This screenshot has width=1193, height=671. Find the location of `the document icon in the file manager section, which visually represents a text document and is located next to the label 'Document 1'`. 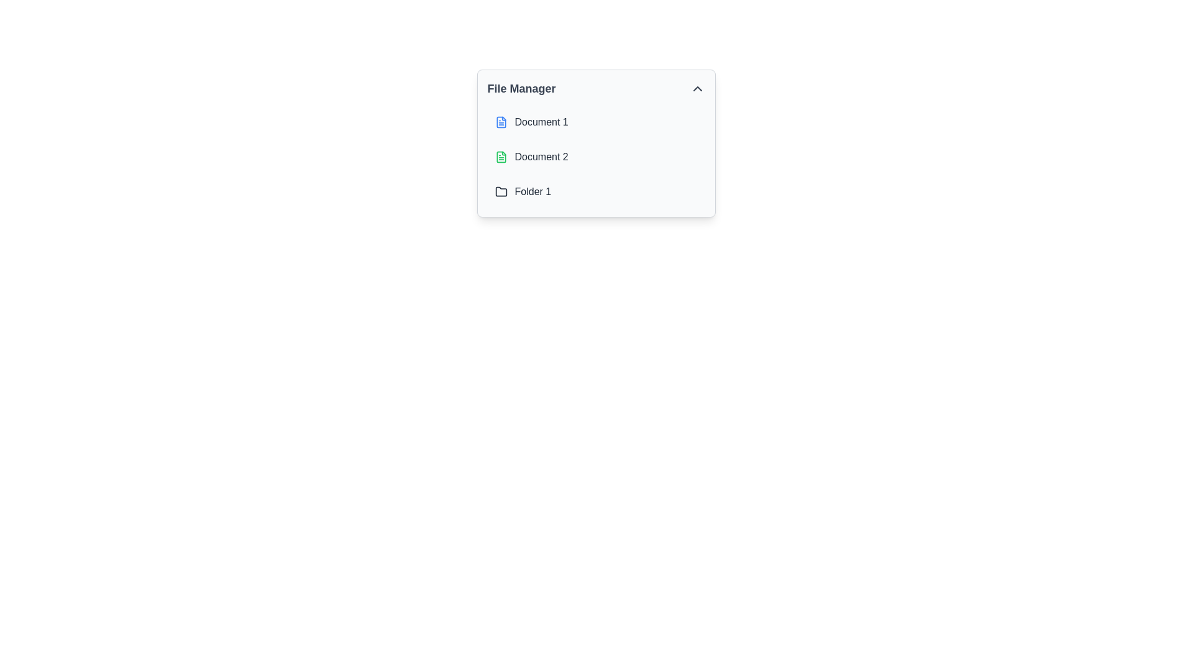

the document icon in the file manager section, which visually represents a text document and is located next to the label 'Document 1' is located at coordinates (501, 122).